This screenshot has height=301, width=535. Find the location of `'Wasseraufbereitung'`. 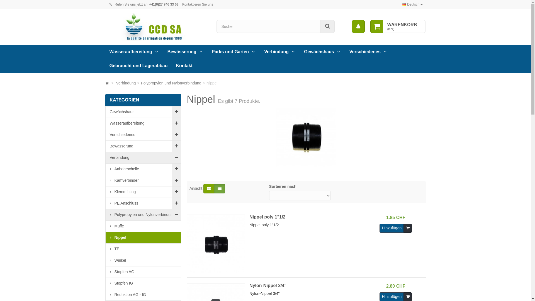

'Wasseraufbereitung' is located at coordinates (143, 123).